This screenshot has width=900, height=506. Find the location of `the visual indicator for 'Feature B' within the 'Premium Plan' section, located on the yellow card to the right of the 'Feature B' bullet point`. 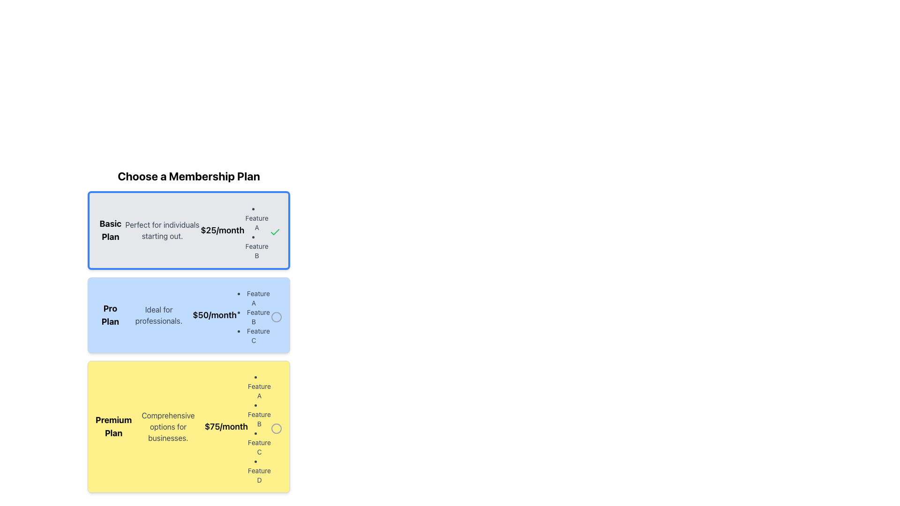

the visual indicator for 'Feature B' within the 'Premium Plan' section, located on the yellow card to the right of the 'Feature B' bullet point is located at coordinates (276, 428).